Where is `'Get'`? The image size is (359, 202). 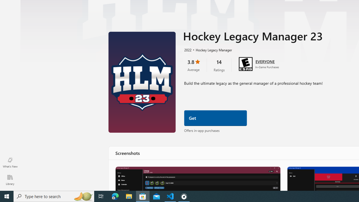
'Get' is located at coordinates (215, 118).